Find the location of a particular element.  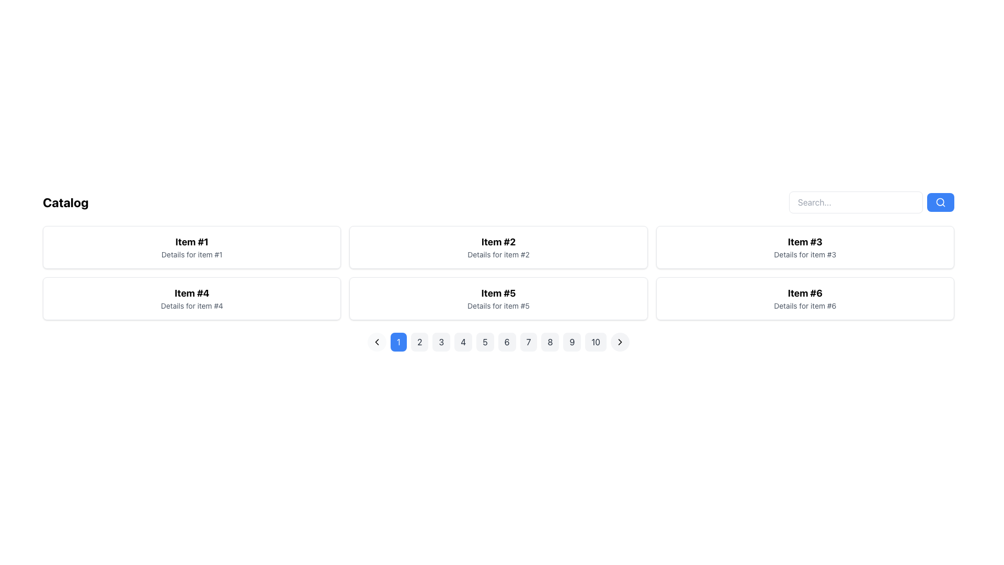

the blue search icon that is styled as a circular outline with a diagonal line, located at the top center-right of the layout next to the search bar for visual feedback is located at coordinates (941, 202).